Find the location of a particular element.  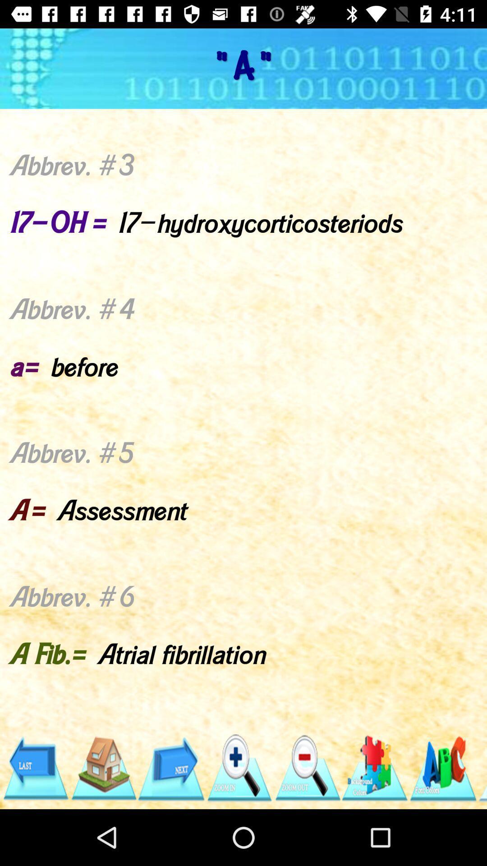

item below abbrev 	1	 	 item is located at coordinates (307, 768).